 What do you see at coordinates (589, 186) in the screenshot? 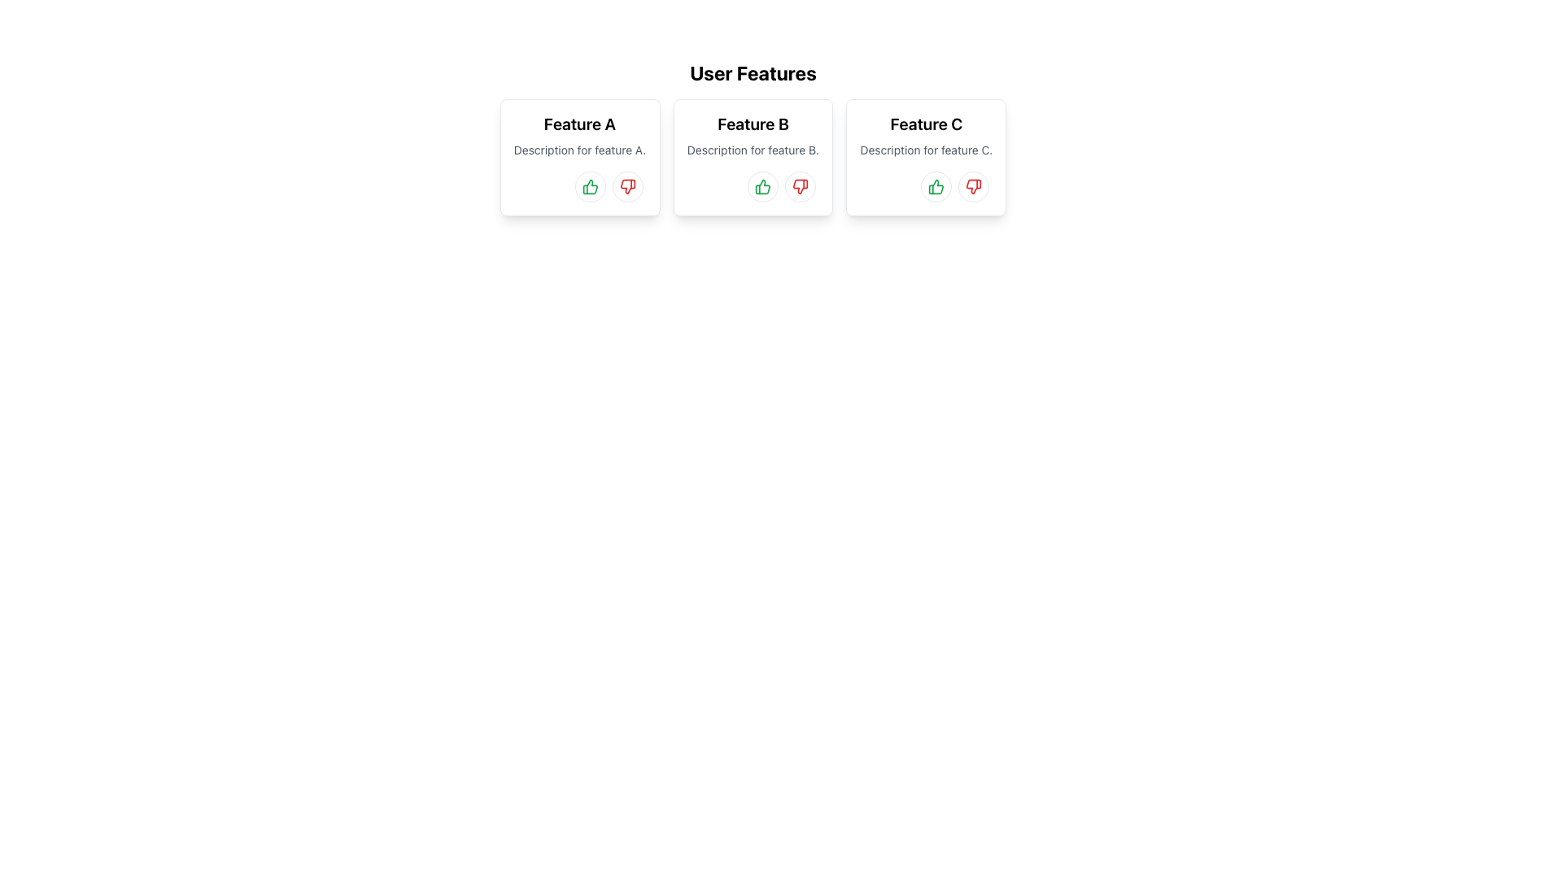
I see `the 'like' button located in the bottom-right area of the card for 'Feature A' to observe effects` at bounding box center [589, 186].